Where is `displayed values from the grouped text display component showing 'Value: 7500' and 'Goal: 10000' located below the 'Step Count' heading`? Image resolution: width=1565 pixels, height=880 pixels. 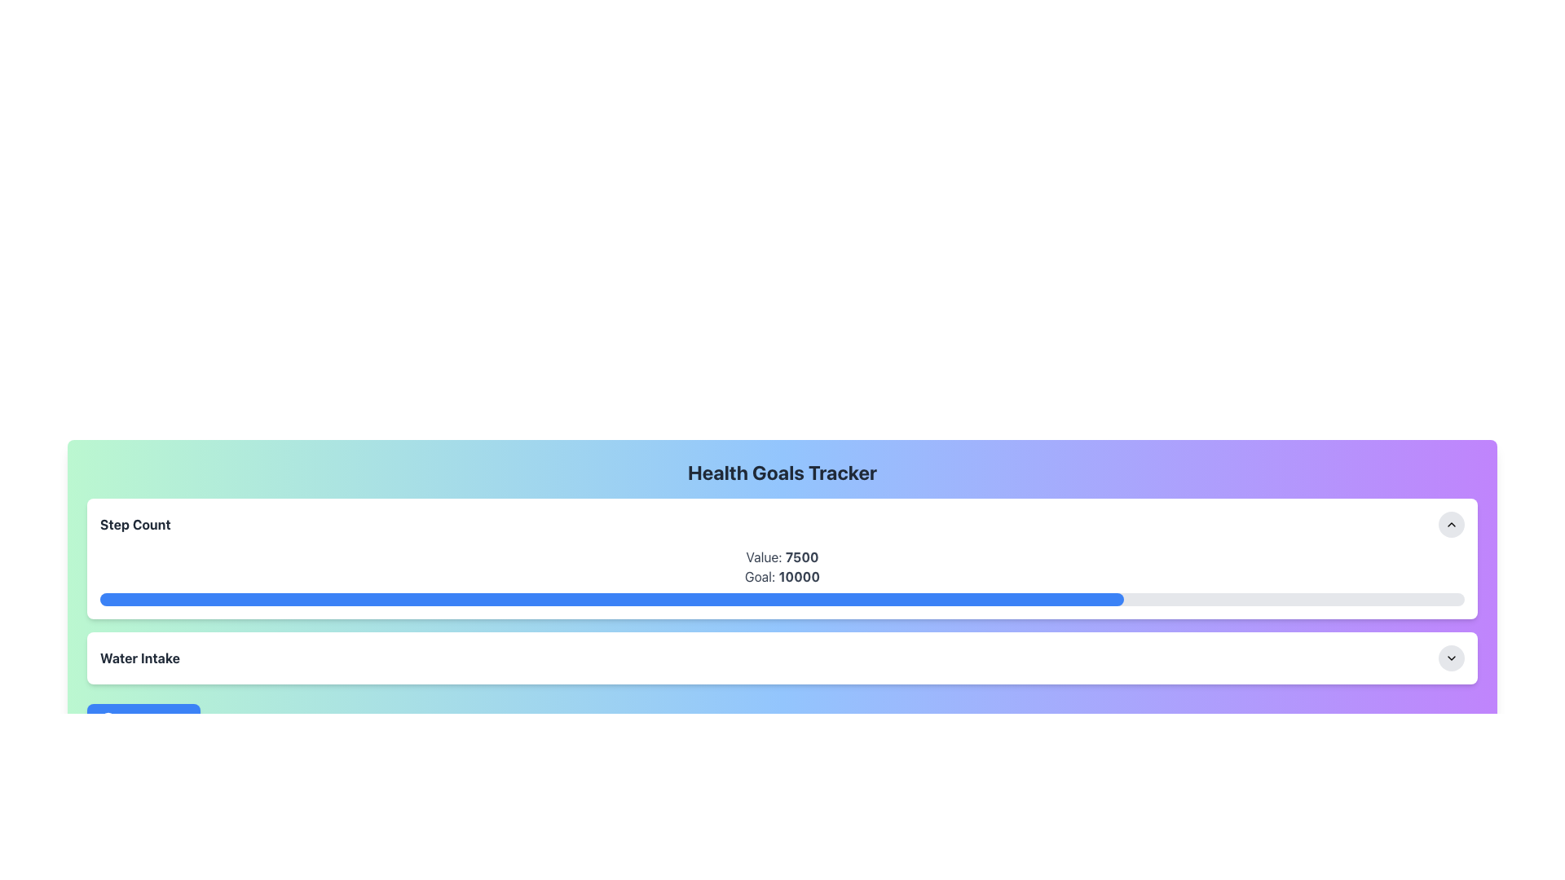 displayed values from the grouped text display component showing 'Value: 7500' and 'Goal: 10000' located below the 'Step Count' heading is located at coordinates (782, 576).